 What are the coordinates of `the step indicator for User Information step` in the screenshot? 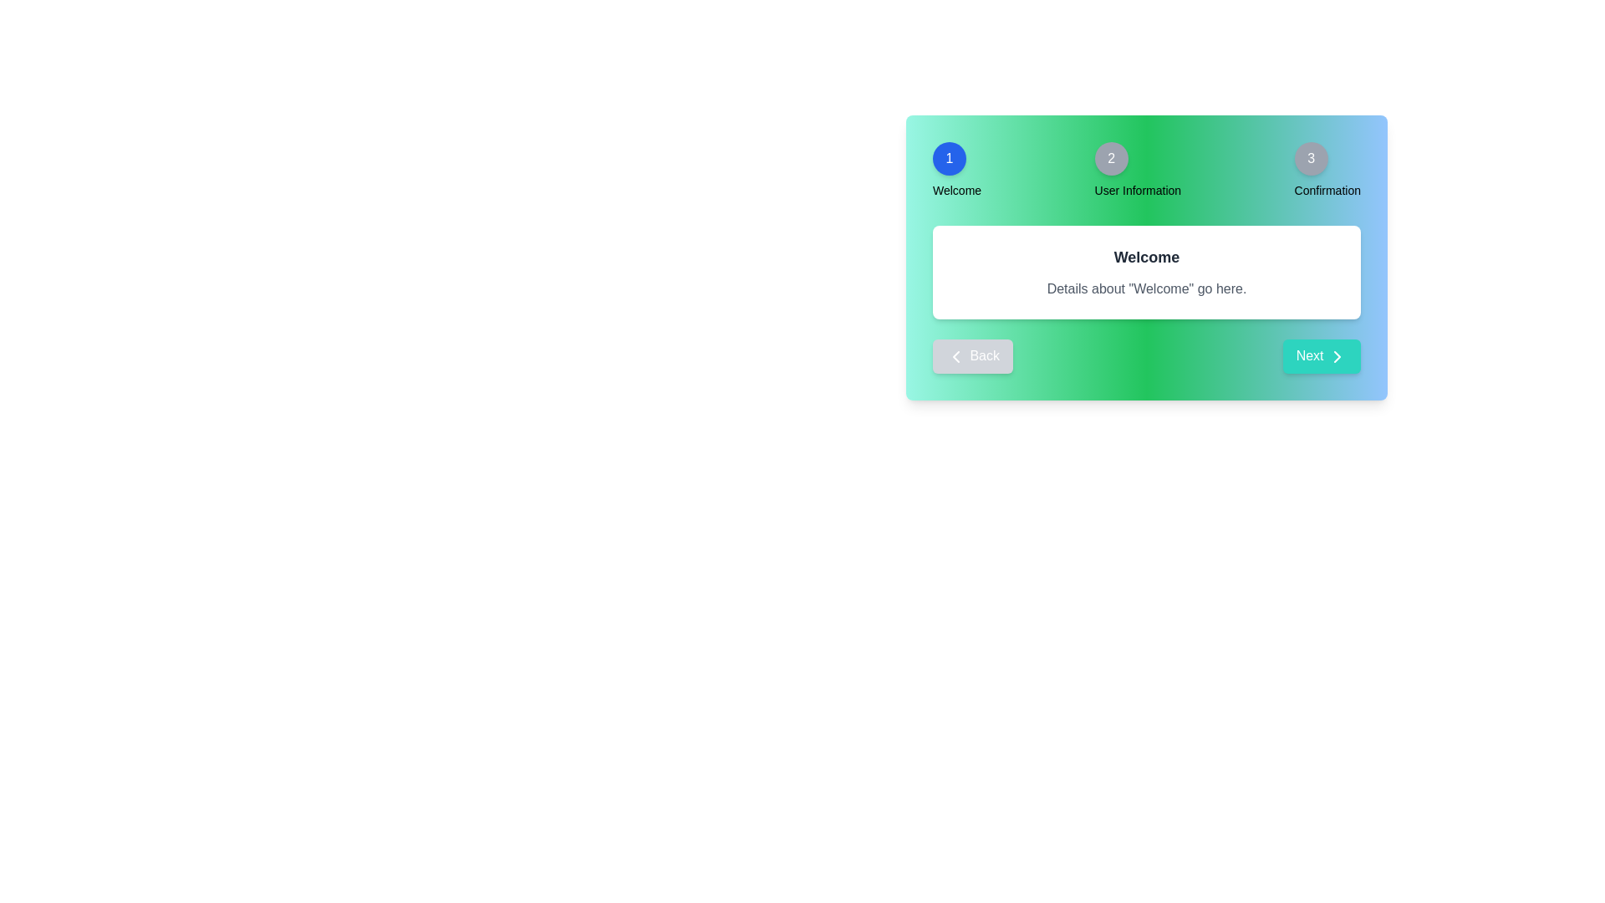 It's located at (1111, 158).